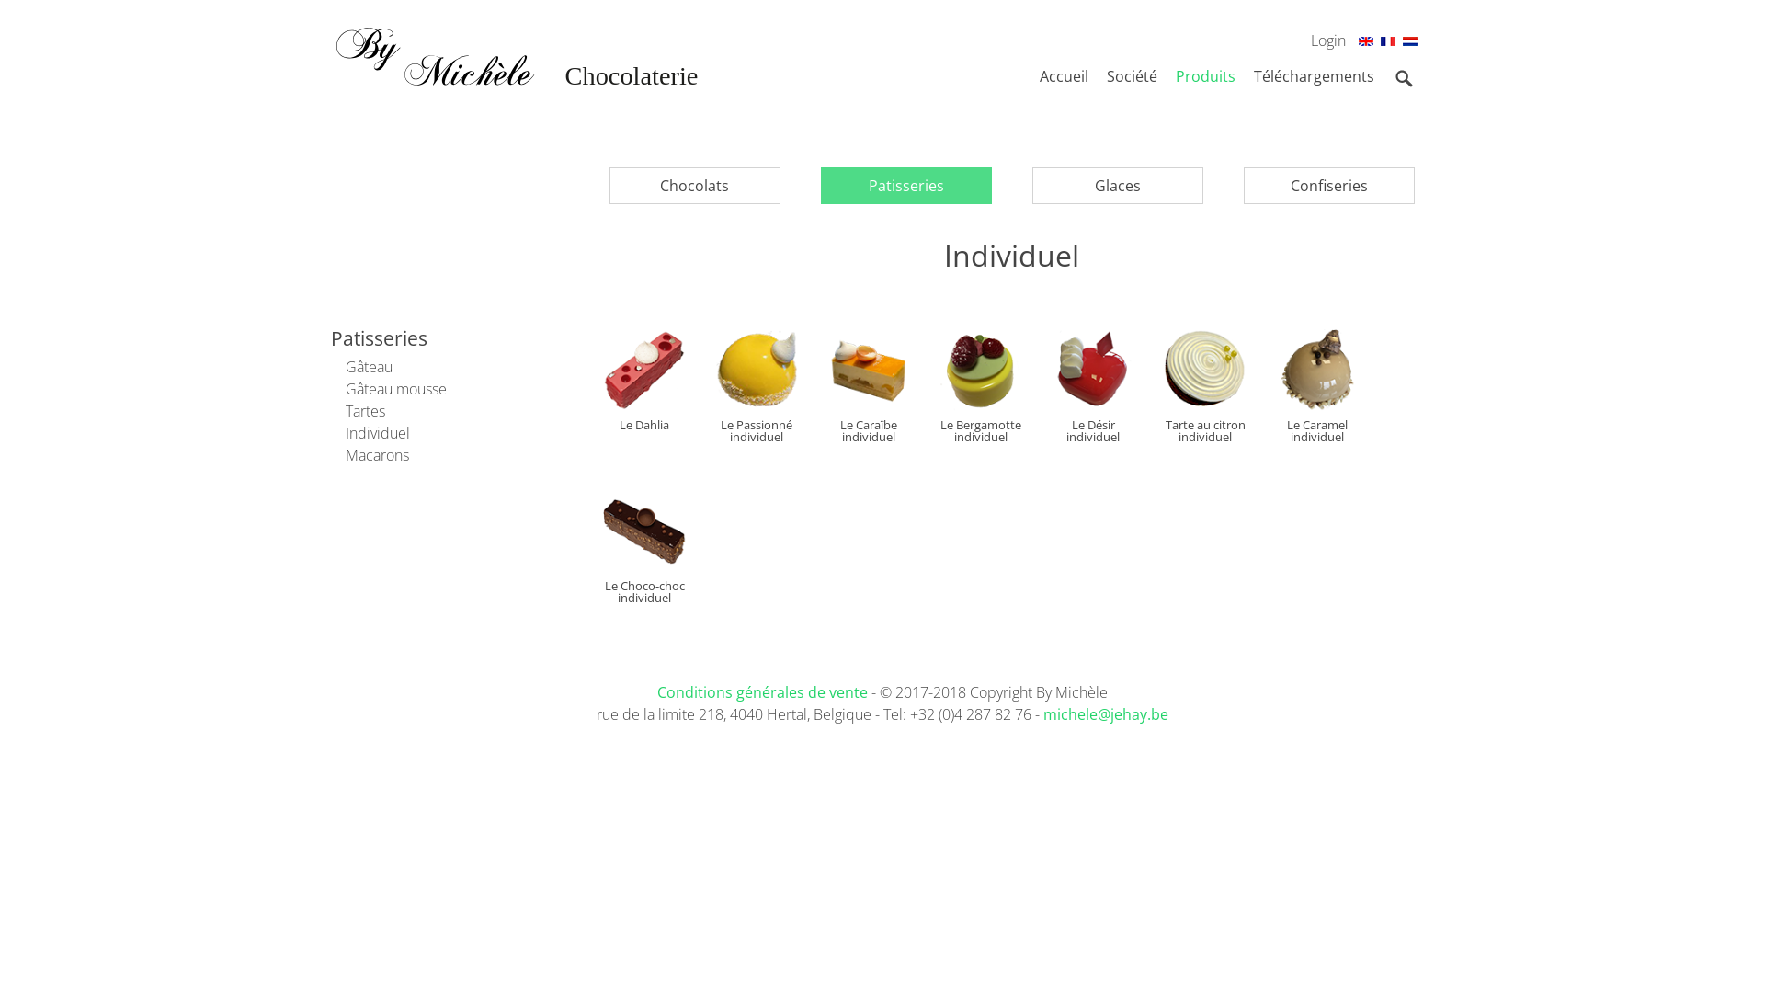  I want to click on 'Le Caramel individuel', so click(1316, 385).